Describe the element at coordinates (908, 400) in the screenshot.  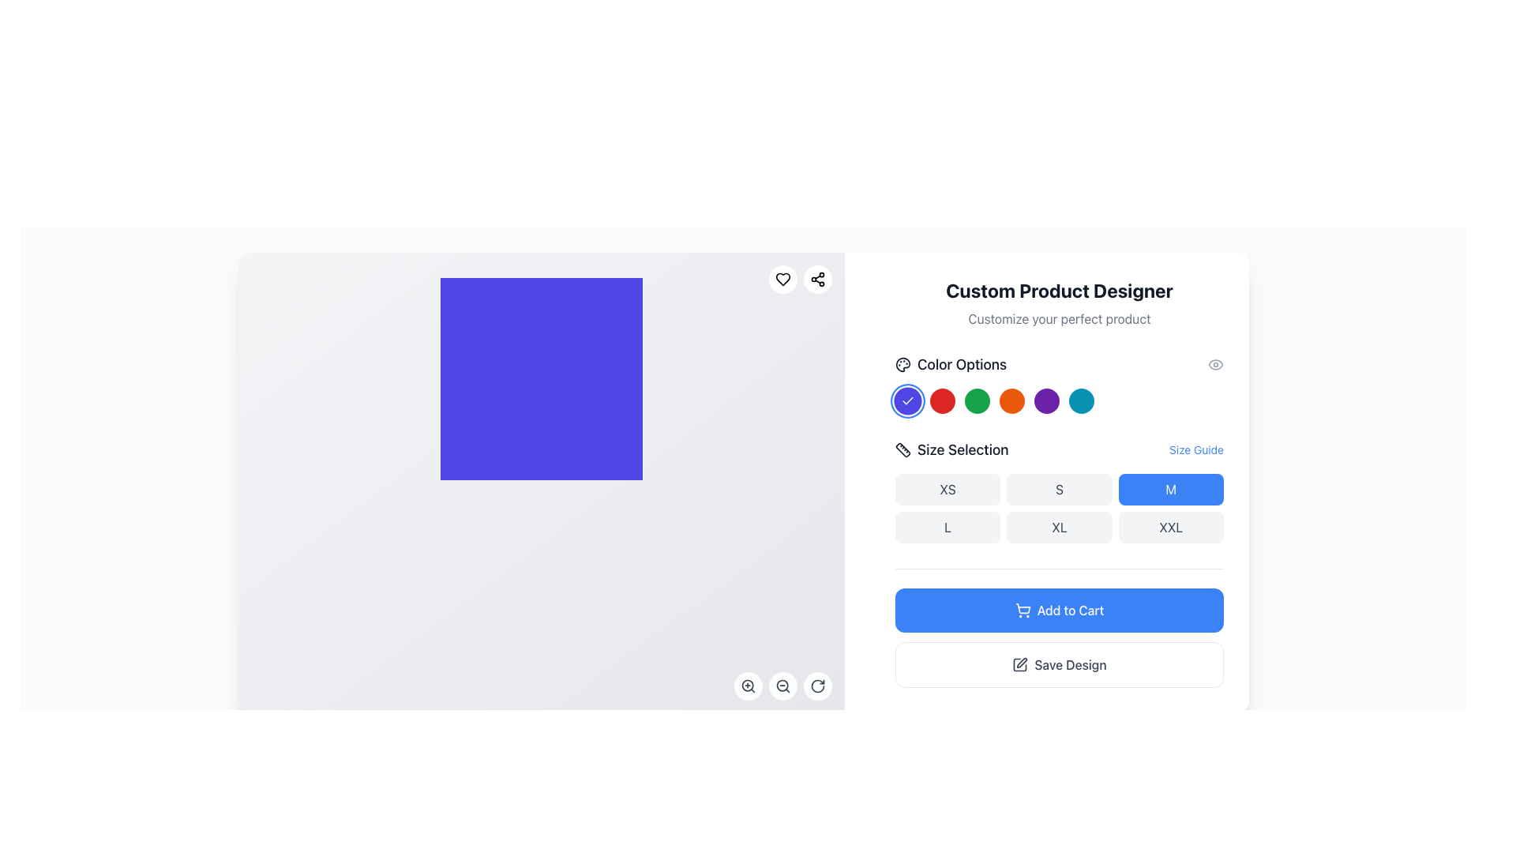
I see `the blue circular button in the 'Color Options' section, which indicates that the blue color option is currently selected` at that location.